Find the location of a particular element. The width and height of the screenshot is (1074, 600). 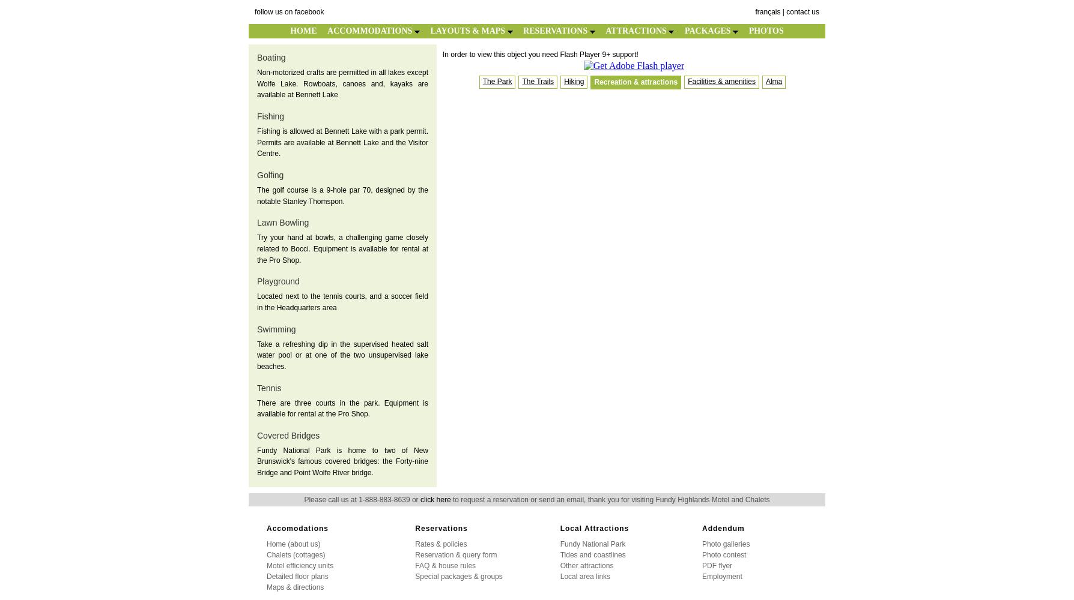

'Fishing is allowed at Bennett Lake with a  park  permit. Permits are available at Bennett Lake and the Visitor  Centre.' is located at coordinates (342, 142).